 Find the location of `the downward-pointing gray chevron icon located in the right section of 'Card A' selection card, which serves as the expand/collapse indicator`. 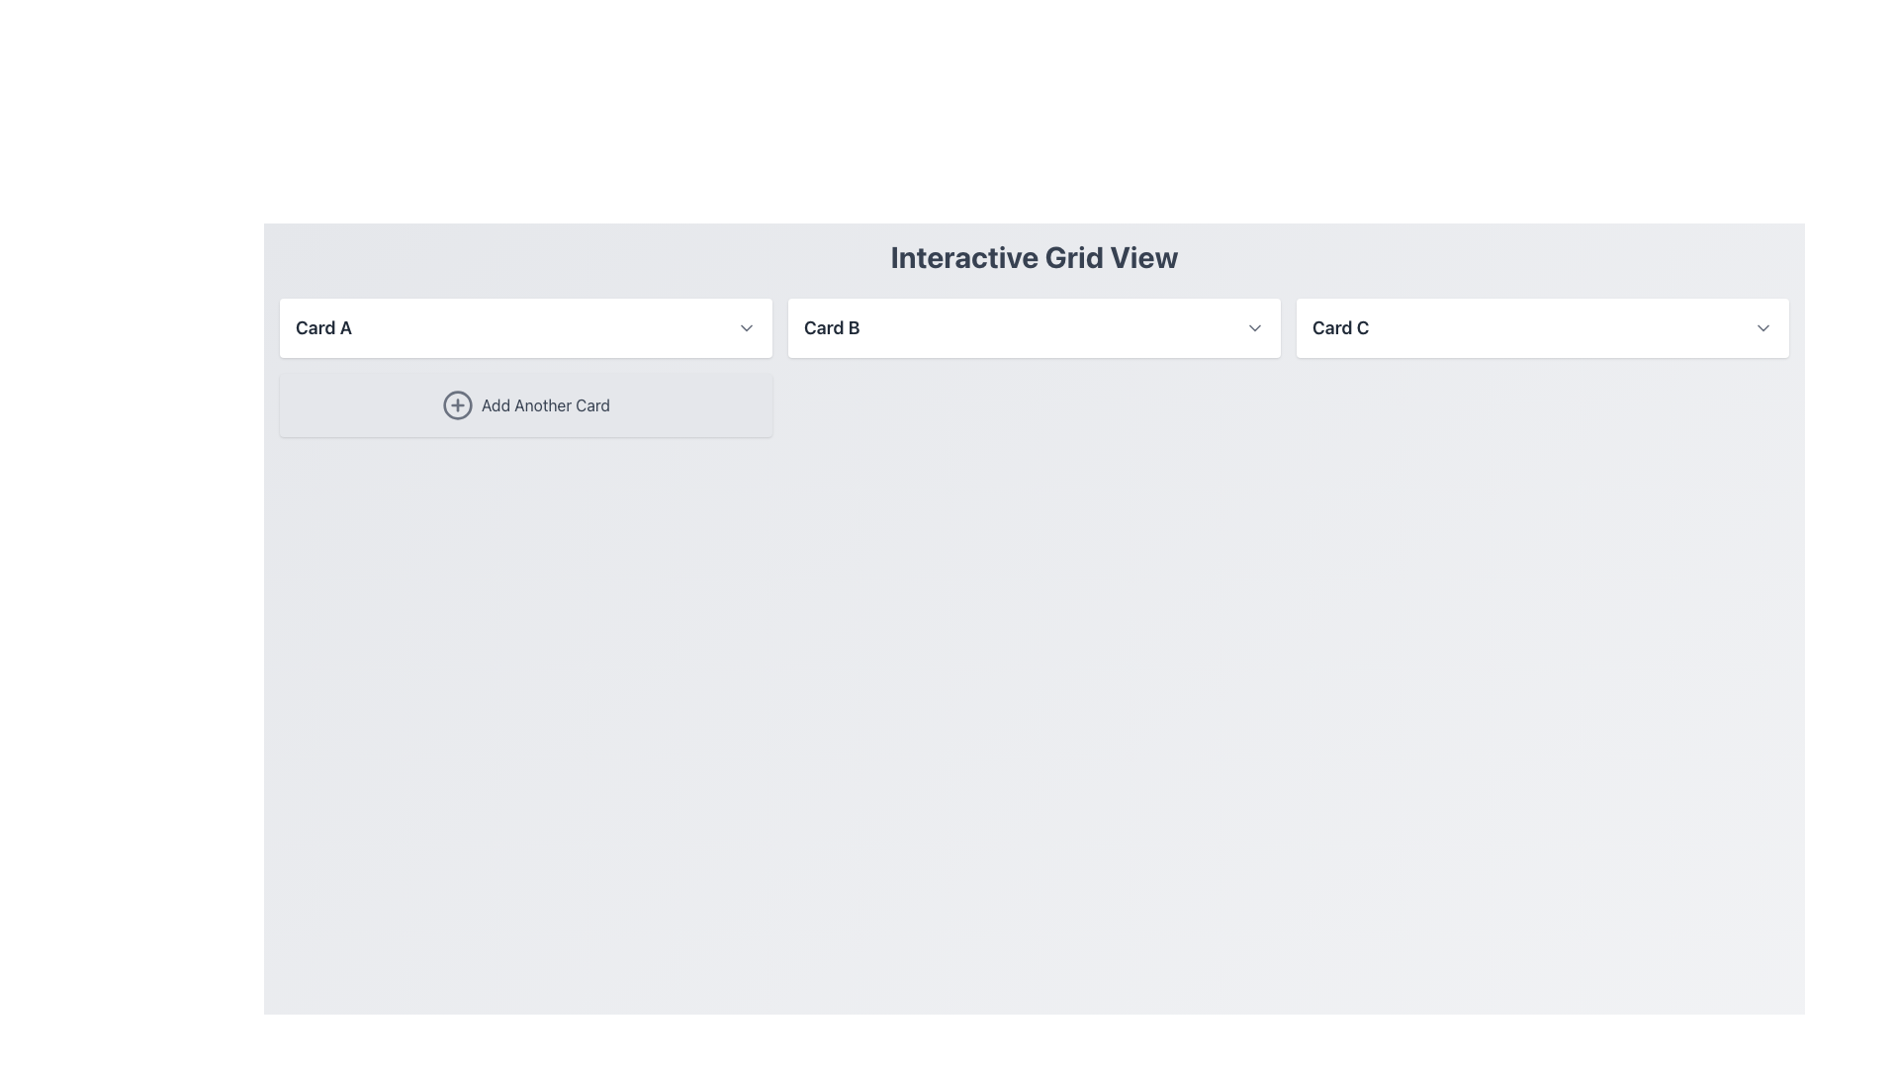

the downward-pointing gray chevron icon located in the right section of 'Card A' selection card, which serves as the expand/collapse indicator is located at coordinates (745, 326).